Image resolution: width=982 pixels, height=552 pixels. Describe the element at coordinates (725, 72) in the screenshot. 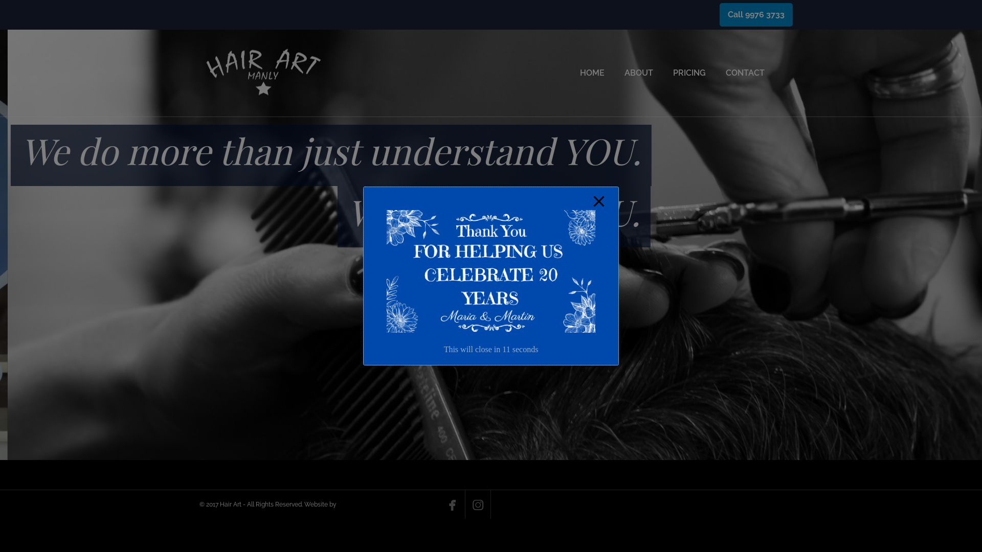

I see `'CONTACT'` at that location.